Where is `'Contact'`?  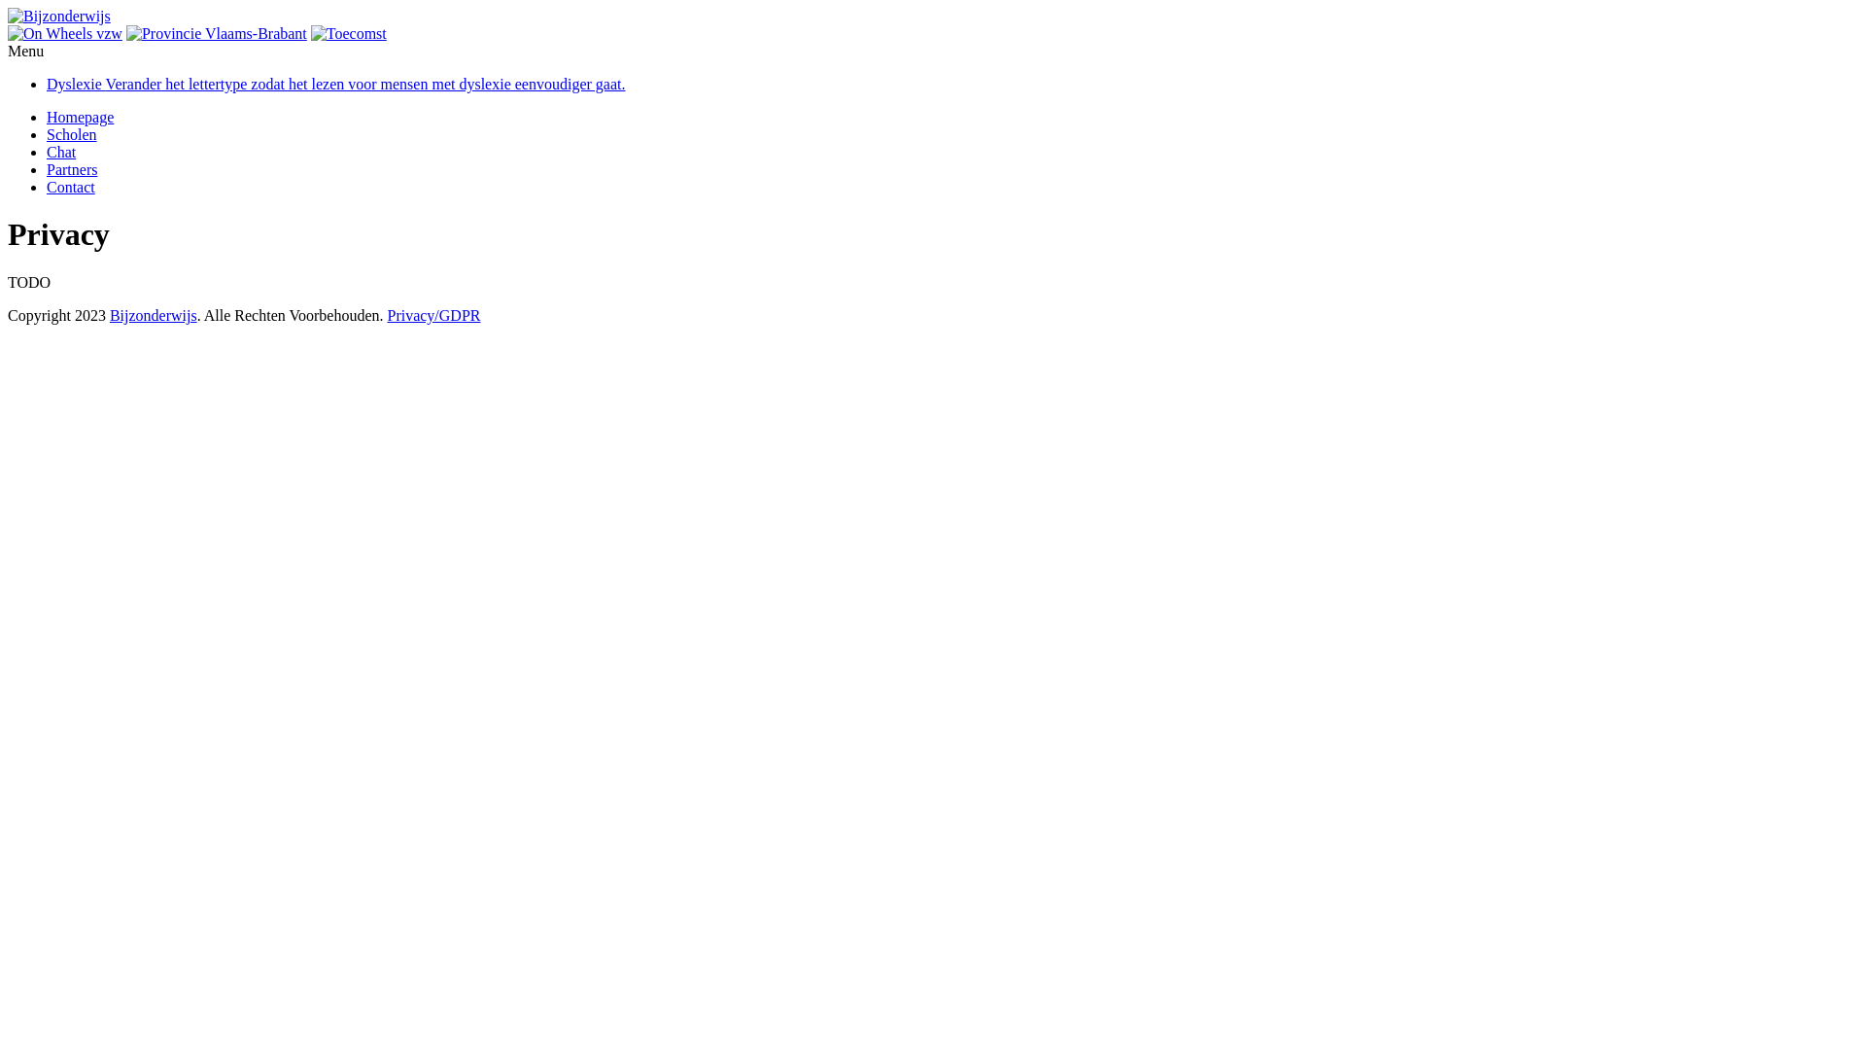 'Contact' is located at coordinates (70, 187).